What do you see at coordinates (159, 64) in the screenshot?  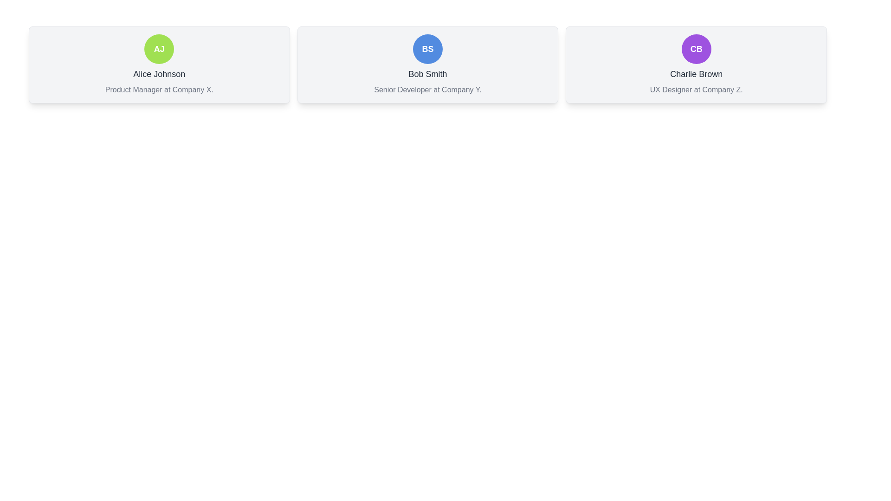 I see `the Profile Card featuring a light gray background, rounded corners, and containing the avatar with initials 'AJ', name 'Alice Johnson', and designation 'Product Manager at Company X'` at bounding box center [159, 64].